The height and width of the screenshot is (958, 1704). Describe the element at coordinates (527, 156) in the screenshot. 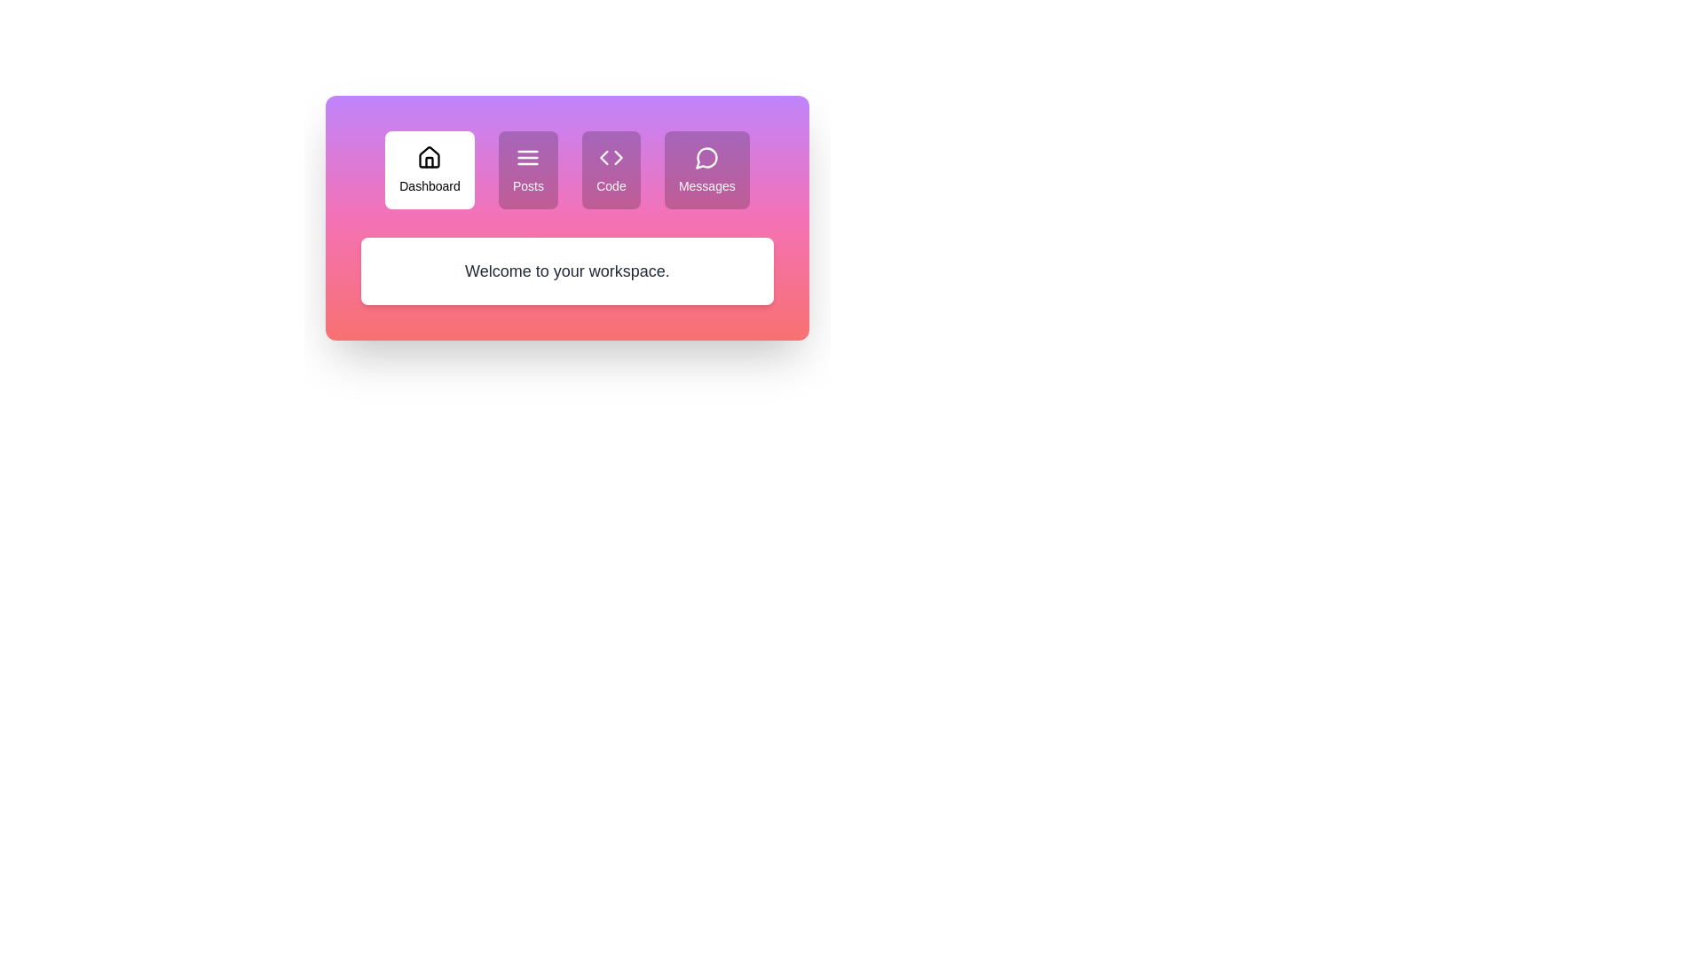

I see `the icon of the tab labeled Posts` at that location.